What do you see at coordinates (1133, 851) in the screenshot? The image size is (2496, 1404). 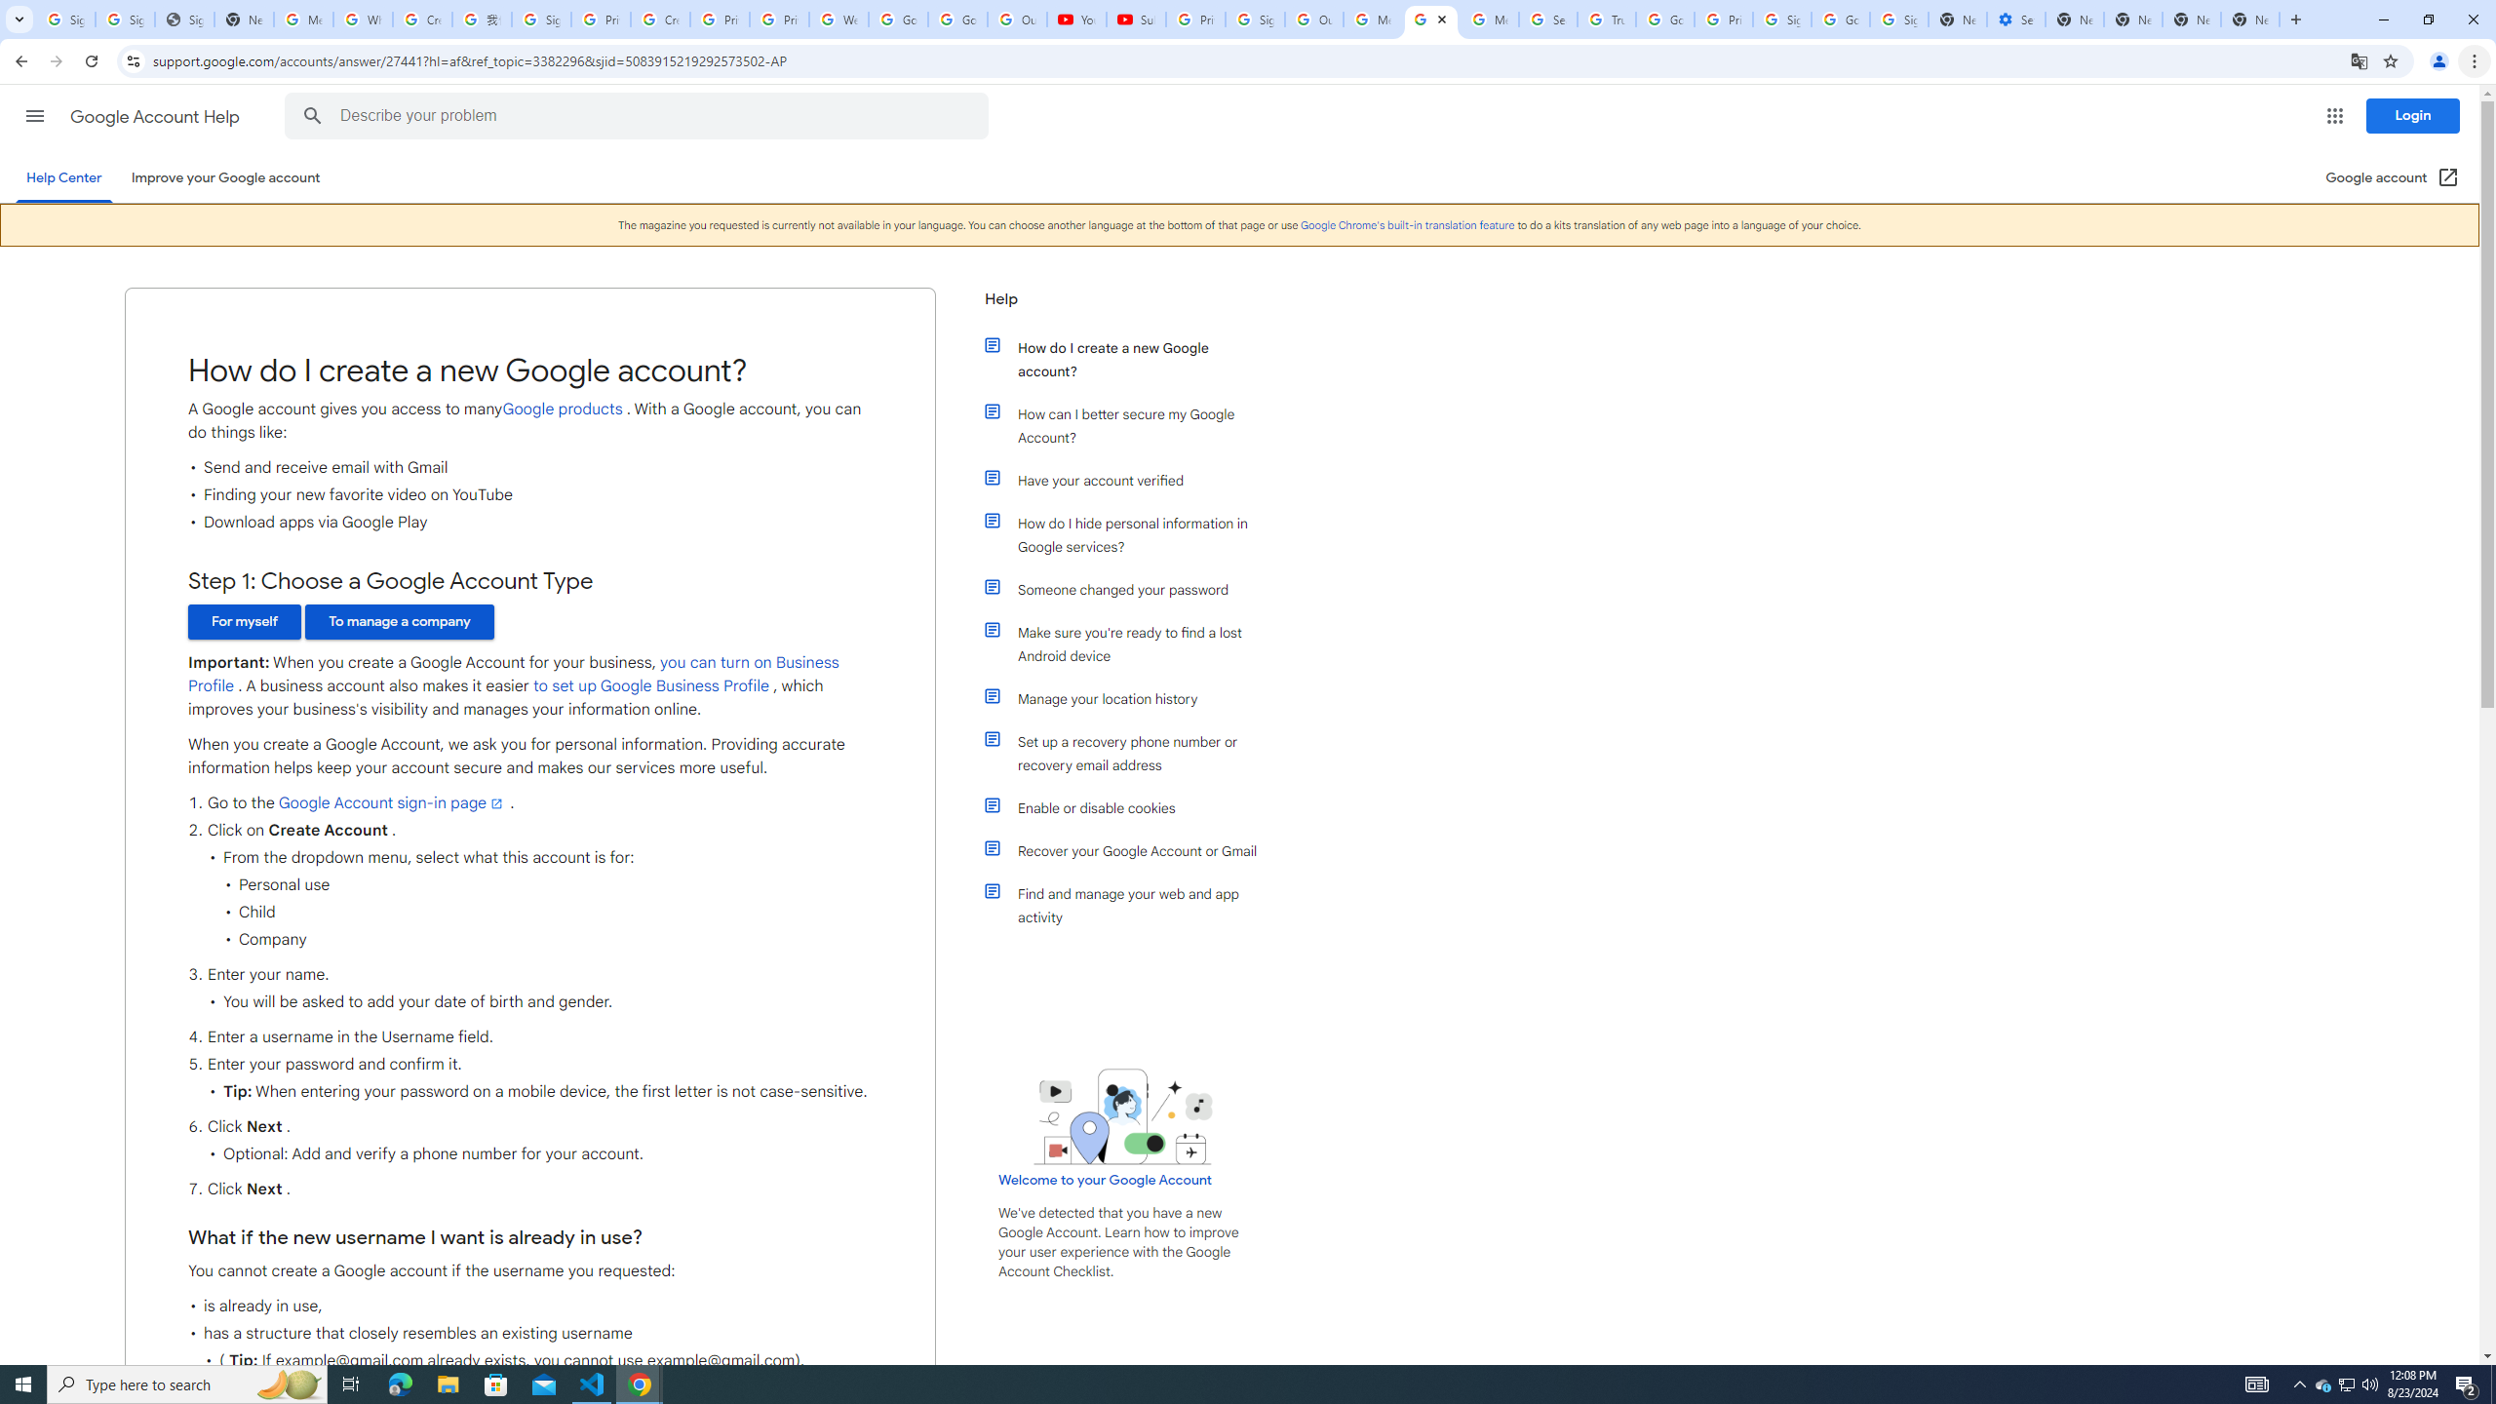 I see `'Recover your Google Account or Gmail'` at bounding box center [1133, 851].